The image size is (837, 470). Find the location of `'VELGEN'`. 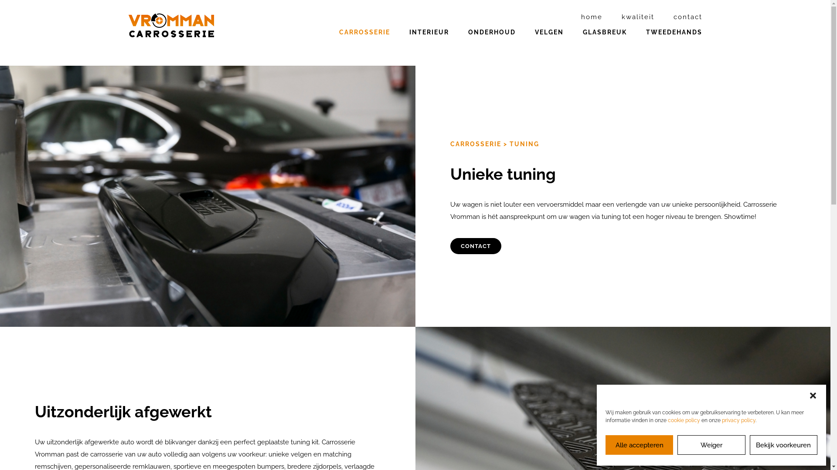

'VELGEN' is located at coordinates (525, 45).